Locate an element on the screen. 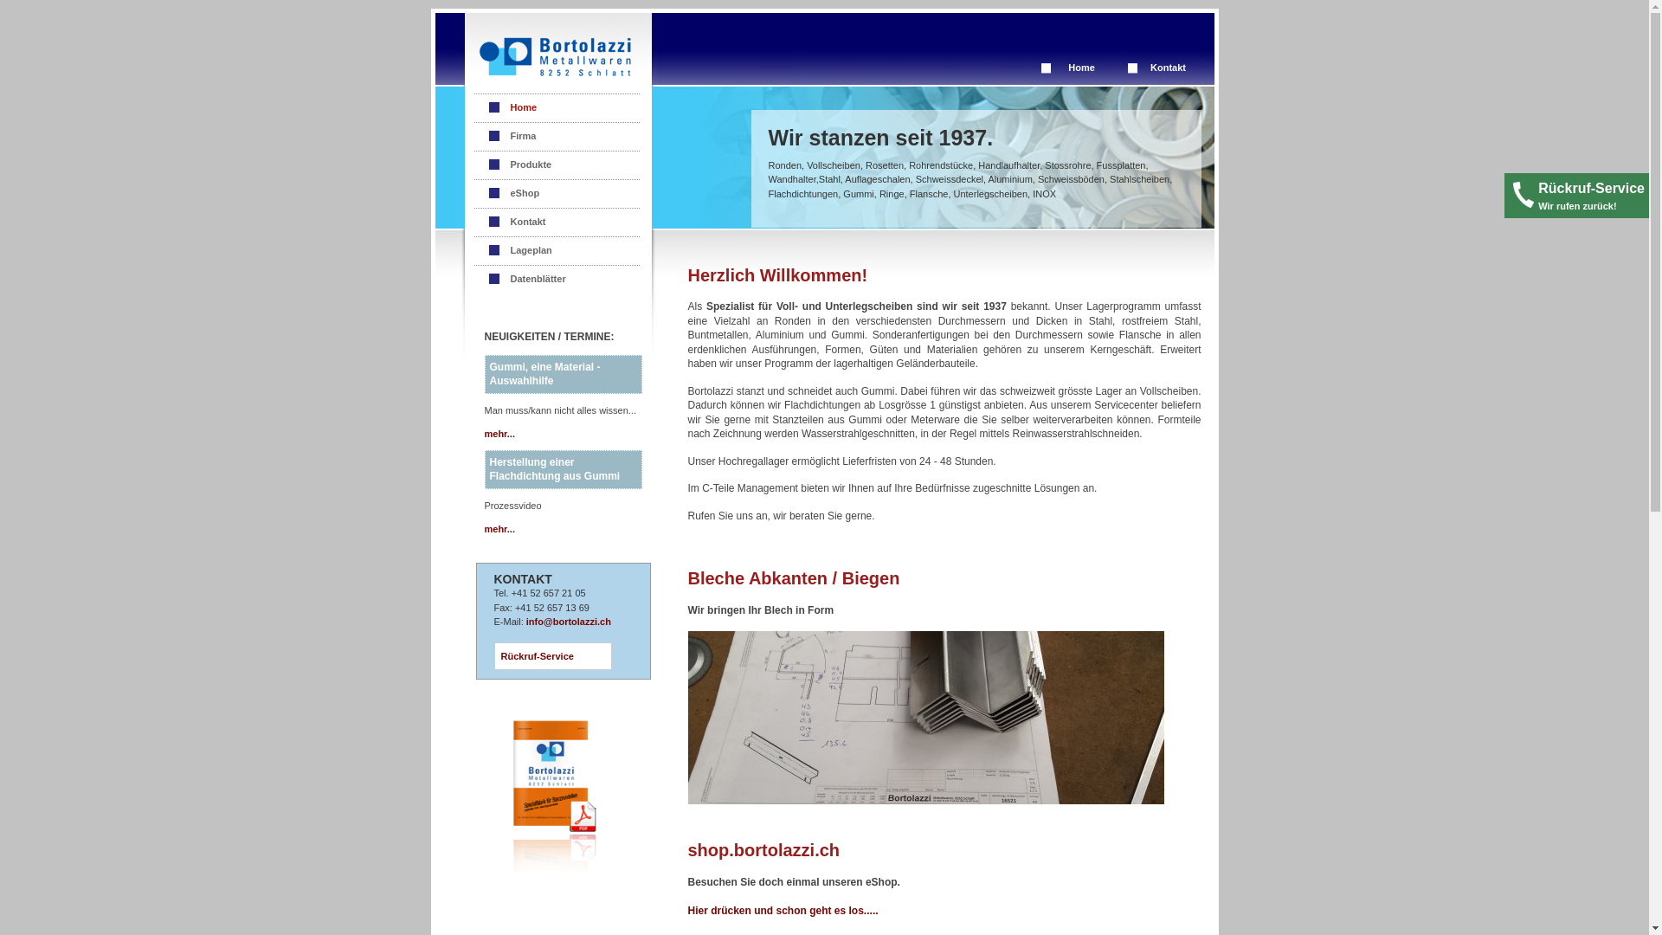 The height and width of the screenshot is (935, 1662). 'Abkanten / Biegen' is located at coordinates (924, 718).